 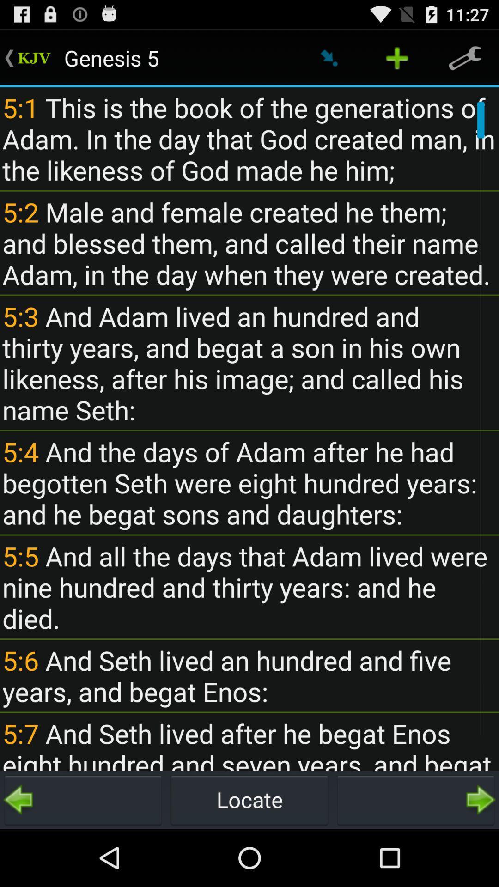 I want to click on go forward, so click(x=415, y=799).